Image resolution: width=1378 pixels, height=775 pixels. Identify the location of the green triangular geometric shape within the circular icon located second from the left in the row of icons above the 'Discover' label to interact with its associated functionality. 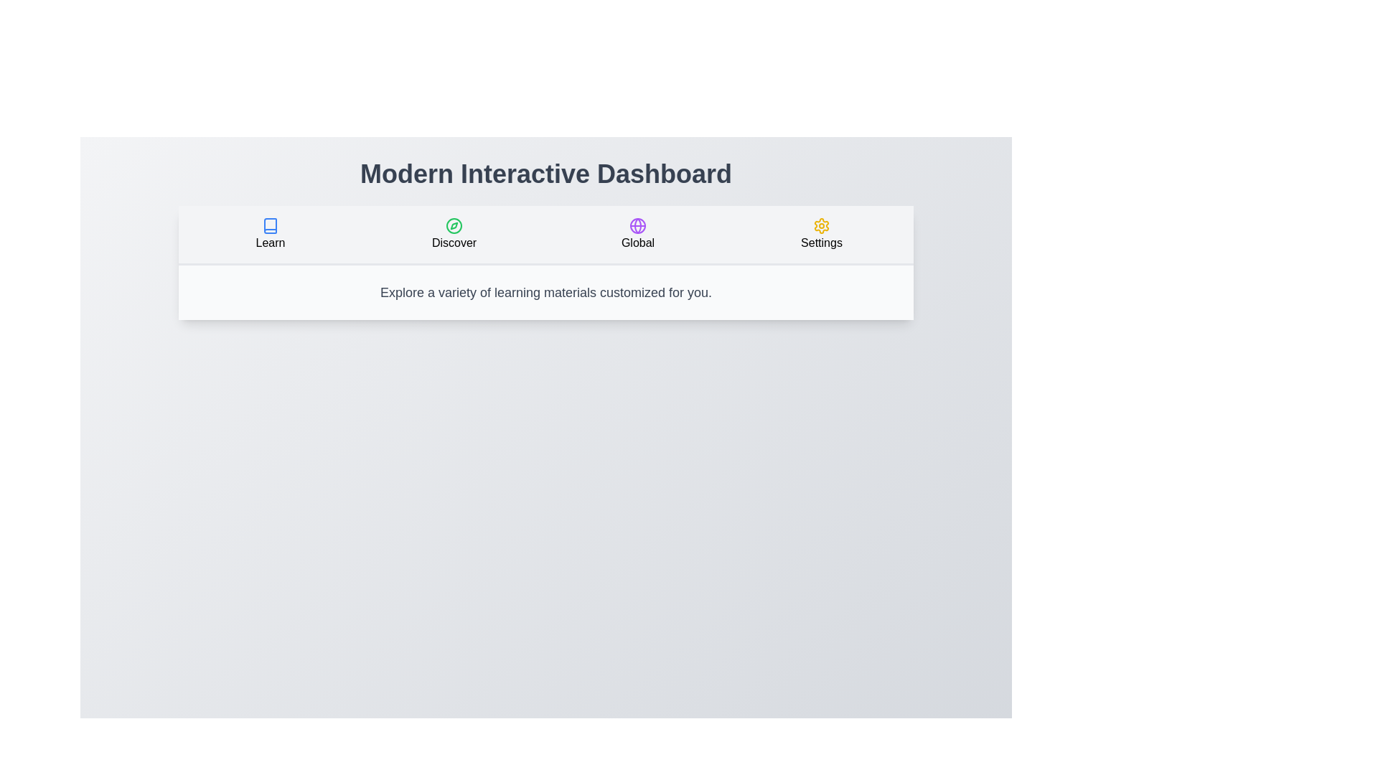
(454, 226).